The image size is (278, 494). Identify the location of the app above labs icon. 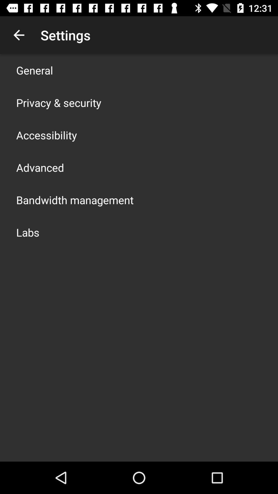
(75, 200).